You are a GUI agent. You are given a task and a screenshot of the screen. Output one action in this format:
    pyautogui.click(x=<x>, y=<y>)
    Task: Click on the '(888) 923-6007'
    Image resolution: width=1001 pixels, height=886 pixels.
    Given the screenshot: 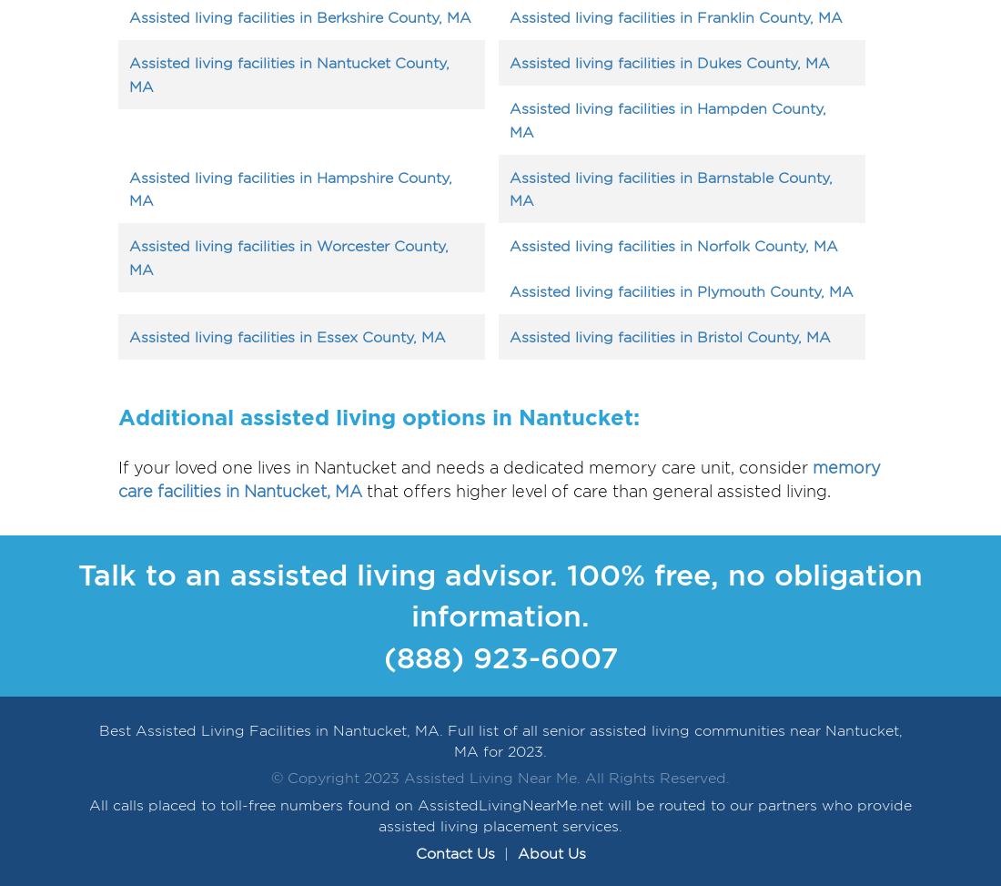 What is the action you would take?
    pyautogui.click(x=500, y=657)
    